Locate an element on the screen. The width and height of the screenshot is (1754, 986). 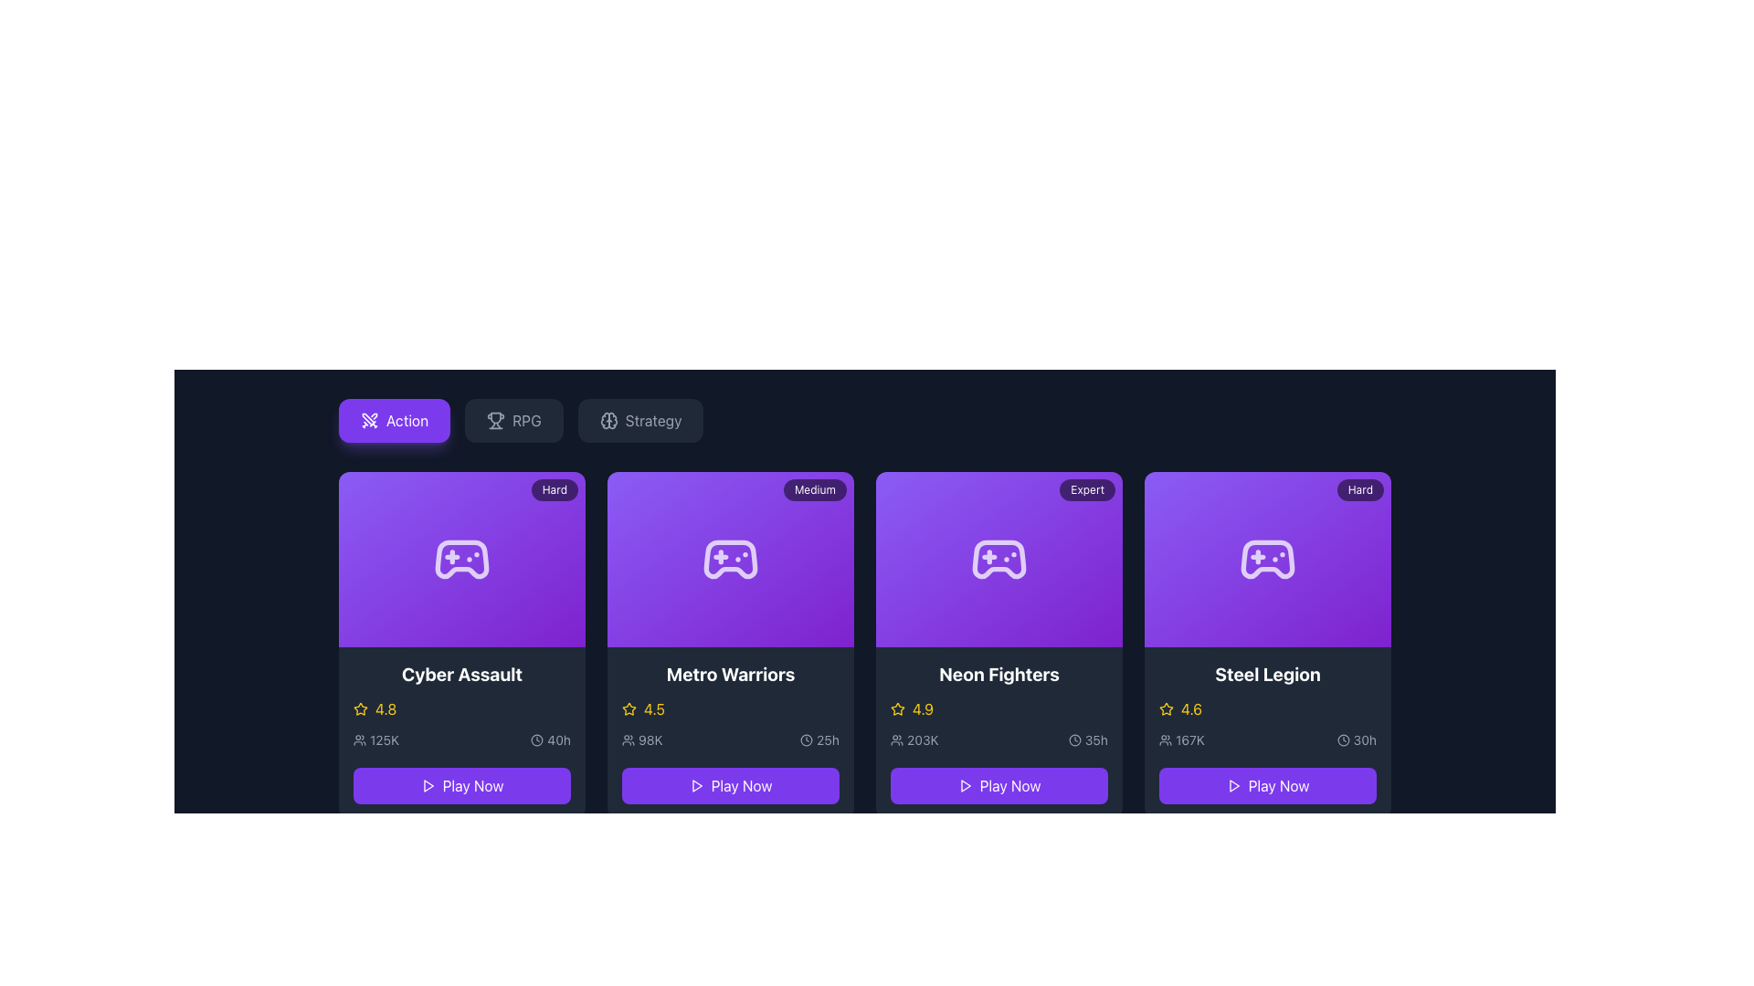
the clock icon located in the bottom-right part of the 'Neon Fighters' card, next to the '35h' text is located at coordinates (1074, 739).